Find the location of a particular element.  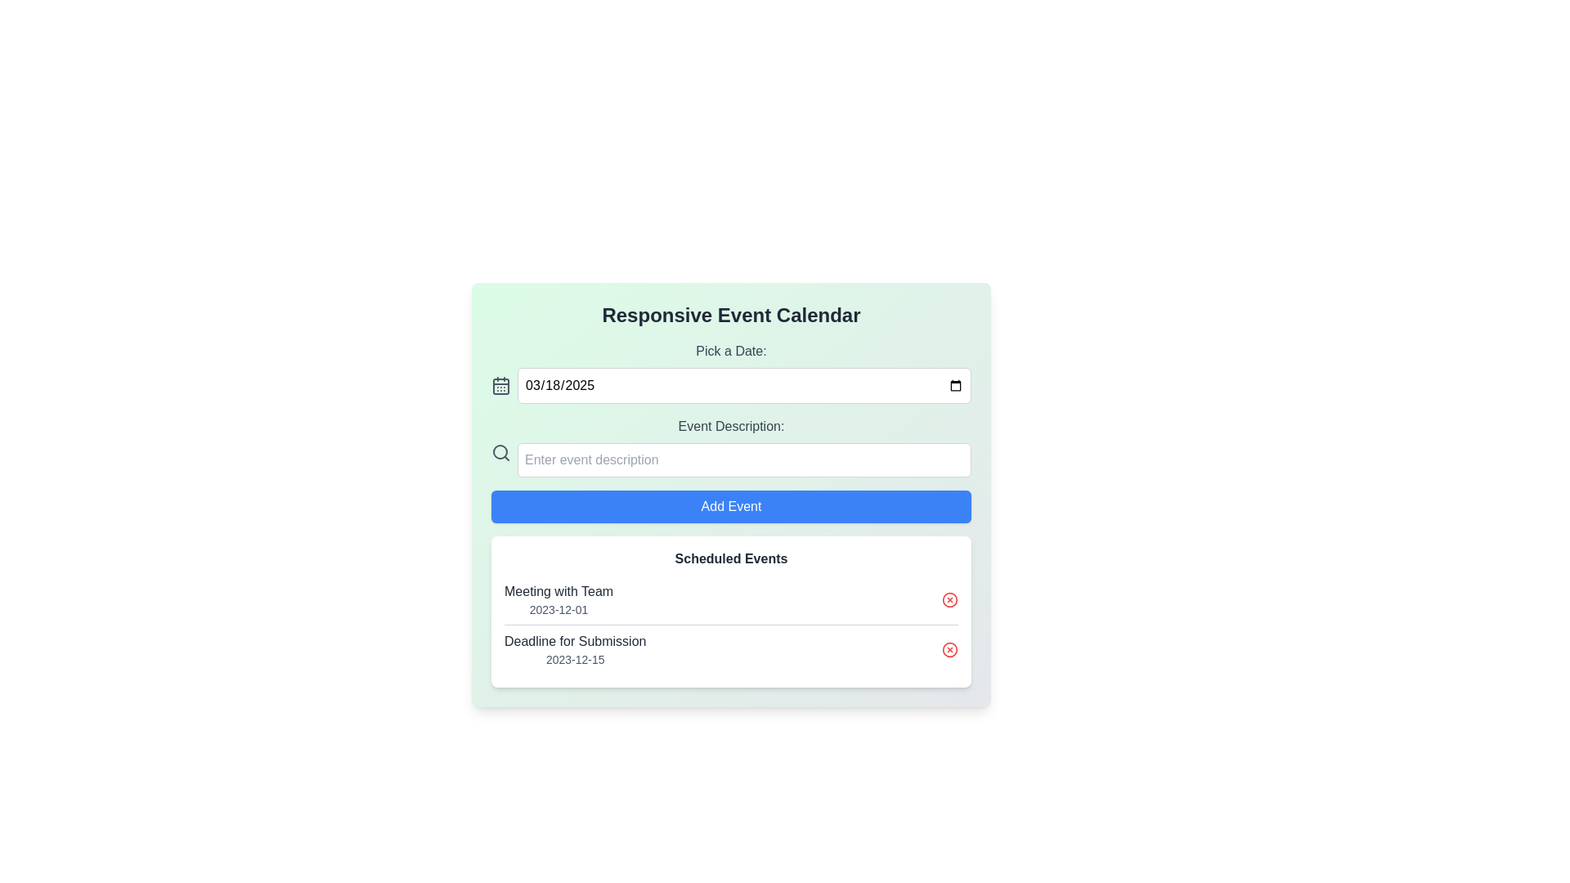

the gray magnifying glass icon located immediately to the left of the event description text input field is located at coordinates (500, 453).